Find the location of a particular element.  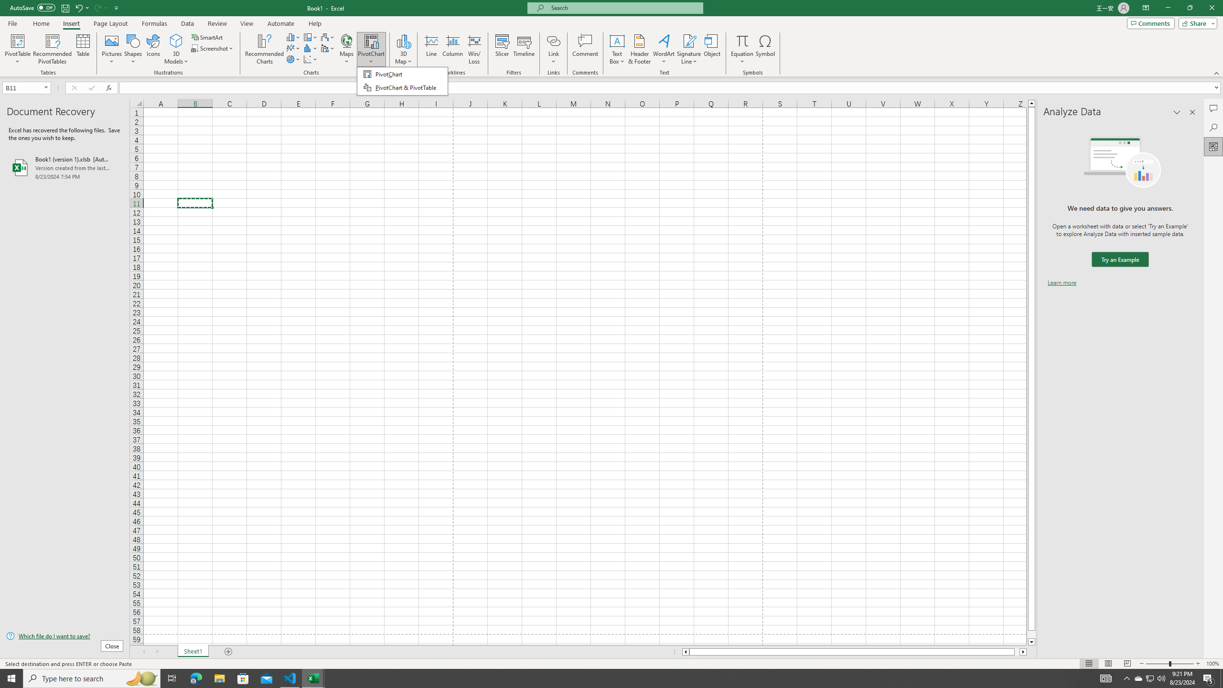

'Action Center, 5 new notifications' is located at coordinates (1209, 677).